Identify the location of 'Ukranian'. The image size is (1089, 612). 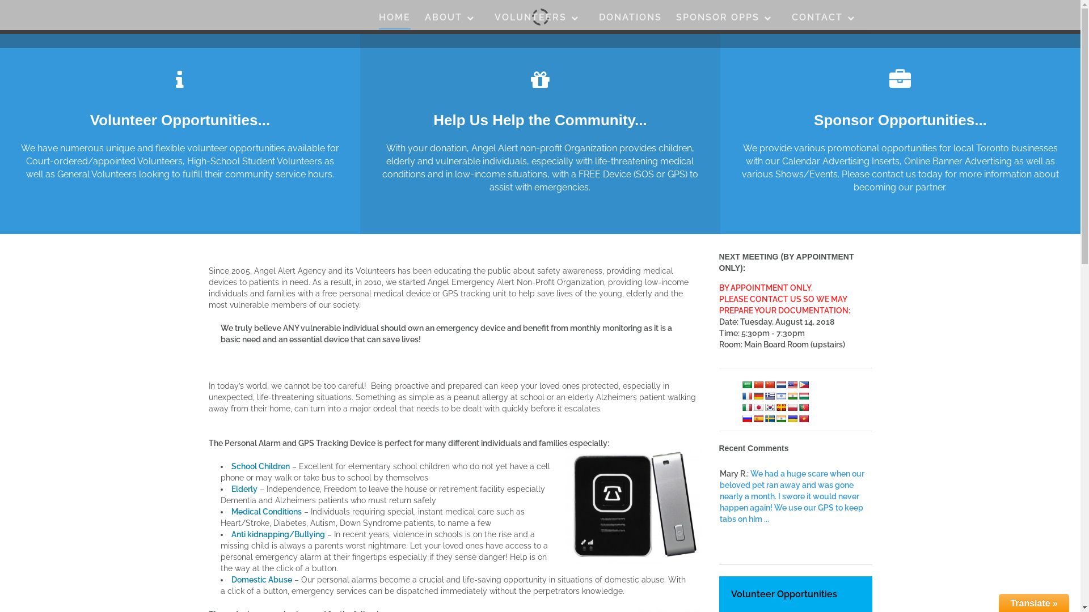
(791, 418).